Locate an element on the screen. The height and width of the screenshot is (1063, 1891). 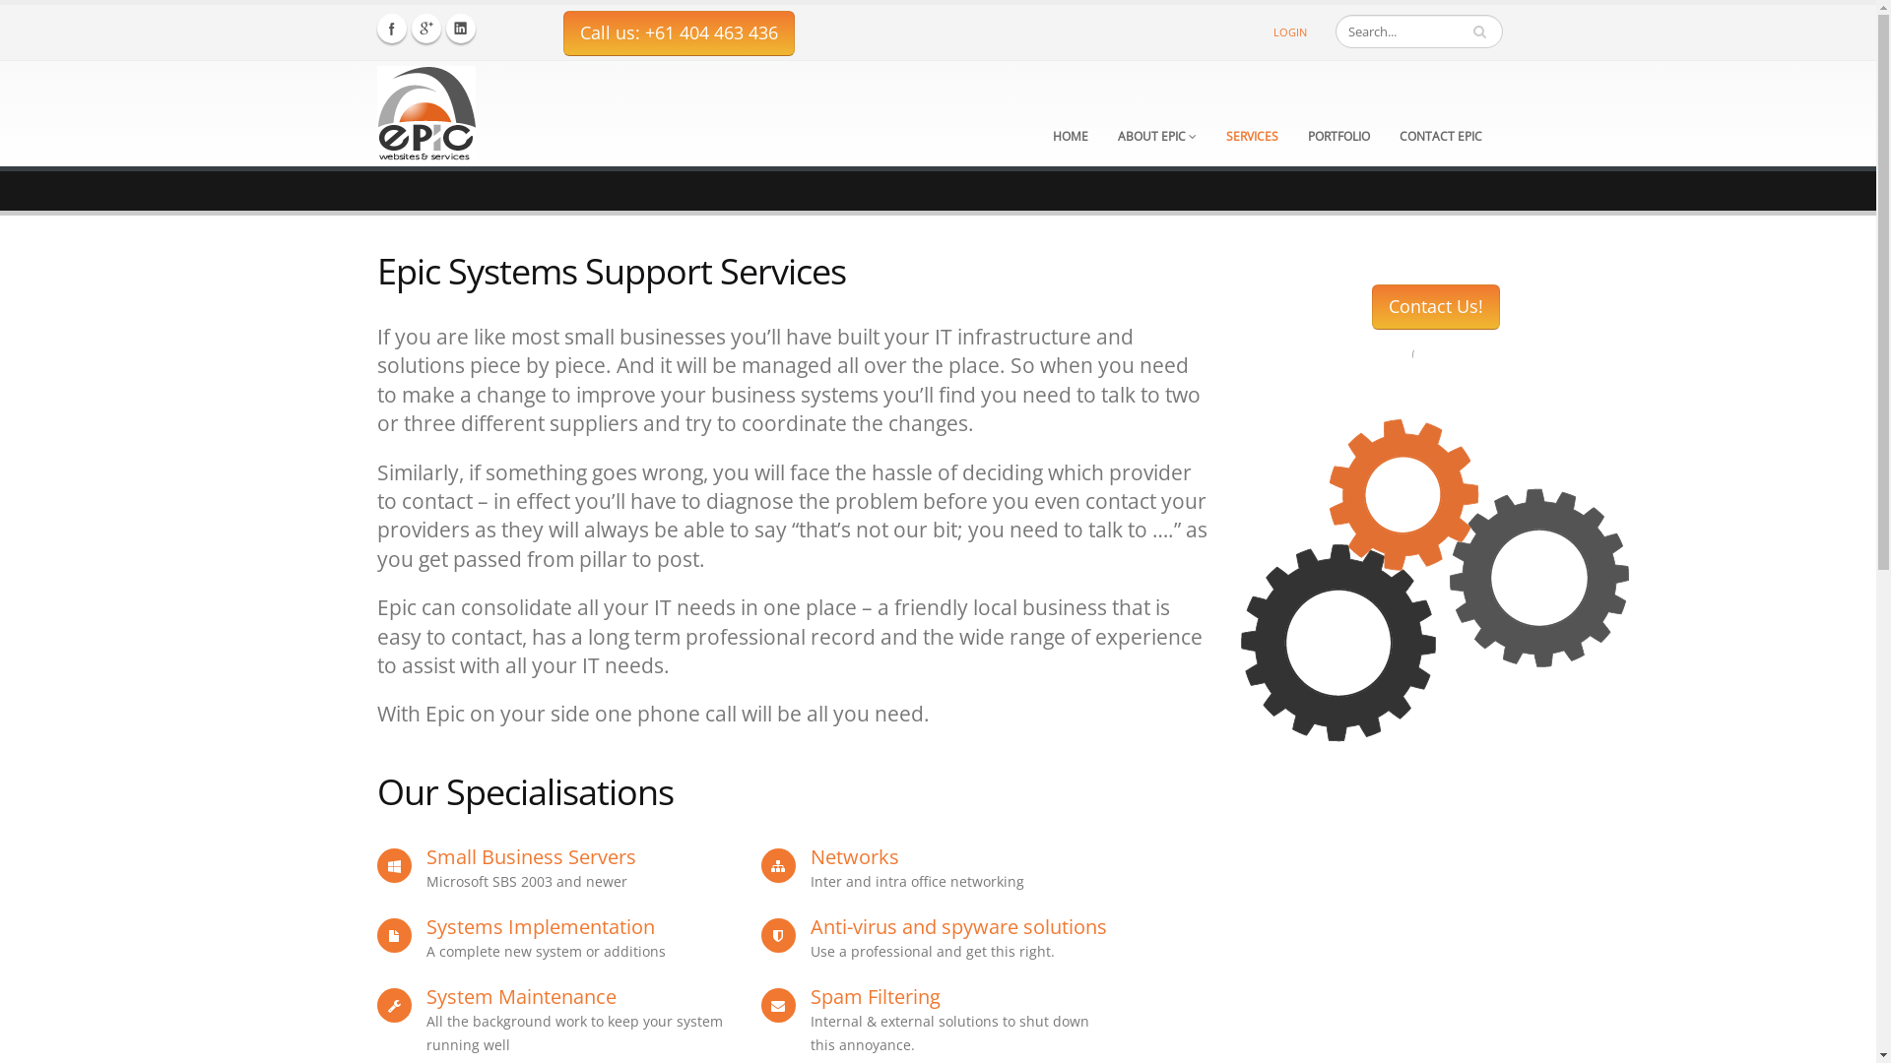
'HOME' is located at coordinates (1069, 121).